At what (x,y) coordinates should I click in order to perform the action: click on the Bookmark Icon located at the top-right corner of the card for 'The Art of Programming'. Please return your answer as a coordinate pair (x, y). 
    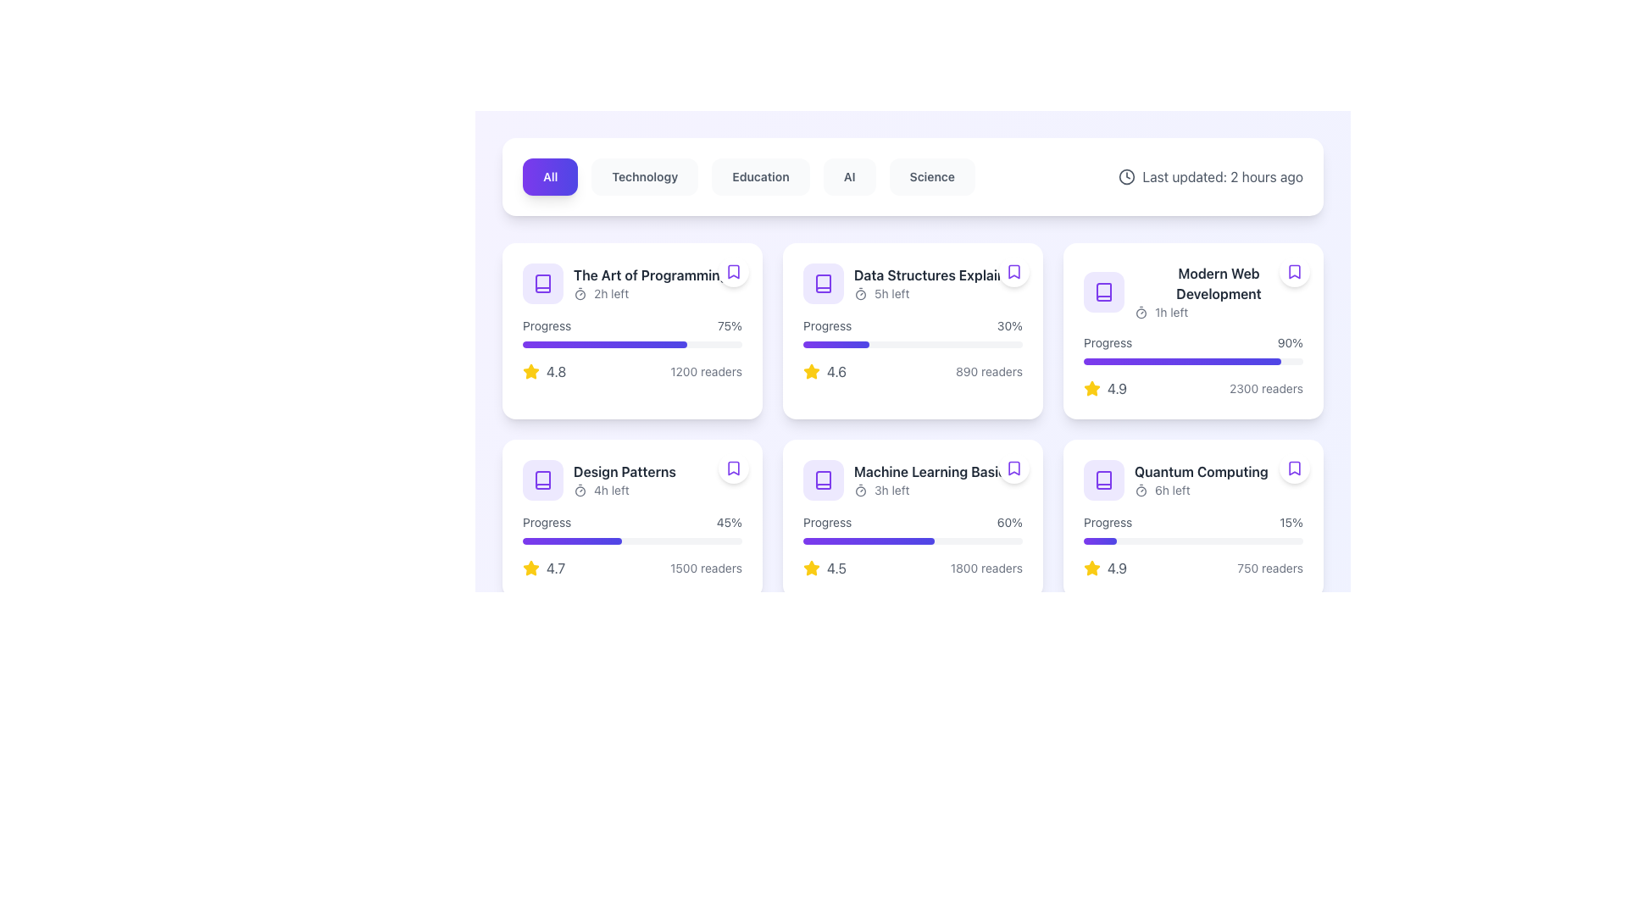
    Looking at the image, I should click on (733, 270).